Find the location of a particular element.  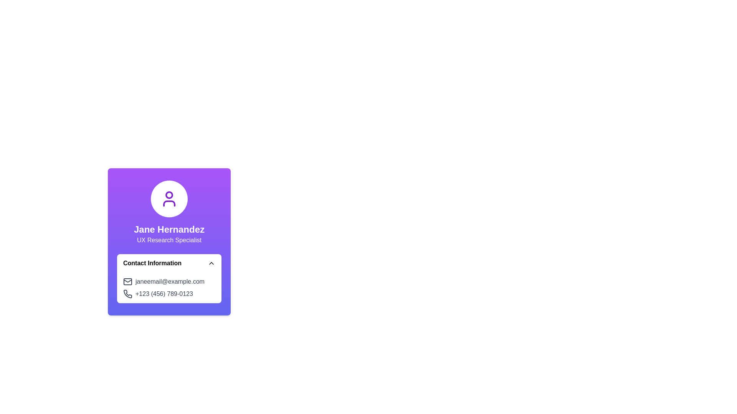

the head portion of the user icon located centrally at the top of a purple card, which serves as a visual identification symbol for user-related actions or information is located at coordinates (169, 195).